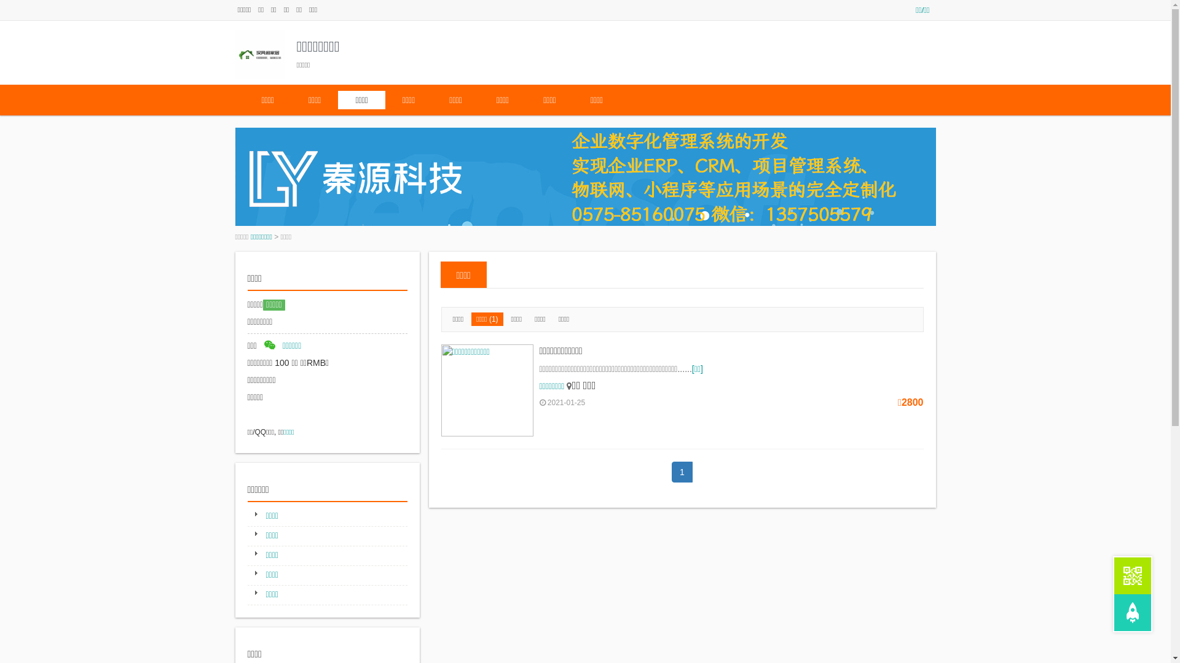 The width and height of the screenshot is (1180, 663). What do you see at coordinates (681, 471) in the screenshot?
I see `'1'` at bounding box center [681, 471].